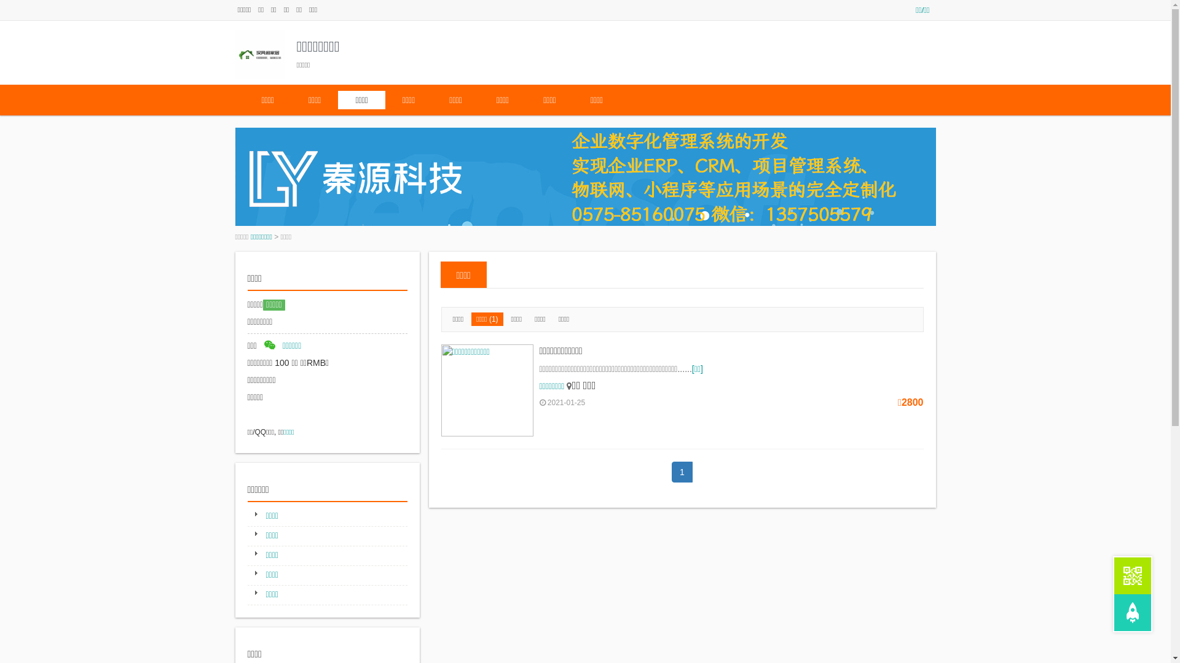 The width and height of the screenshot is (1180, 663). What do you see at coordinates (681, 471) in the screenshot?
I see `'1'` at bounding box center [681, 471].